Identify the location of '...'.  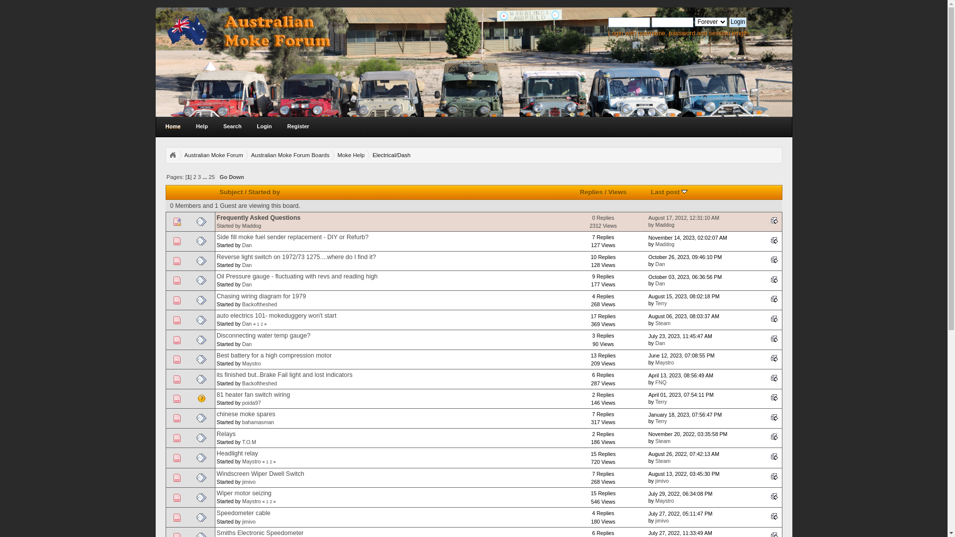
(204, 176).